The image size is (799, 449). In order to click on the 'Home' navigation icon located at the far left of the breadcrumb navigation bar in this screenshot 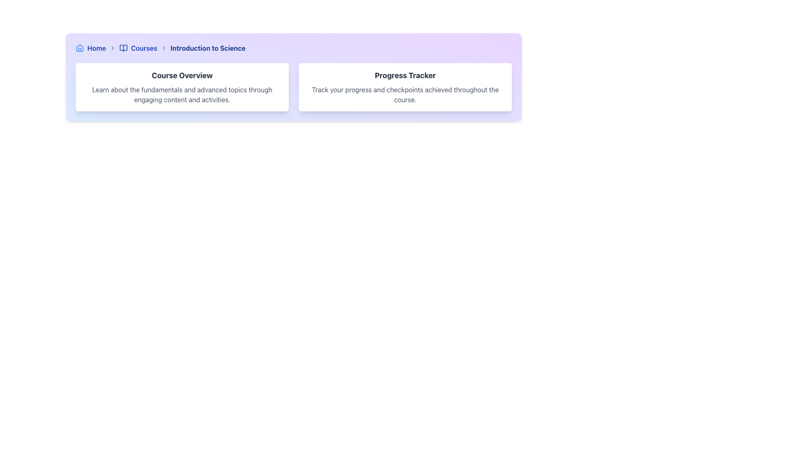, I will do `click(80, 48)`.